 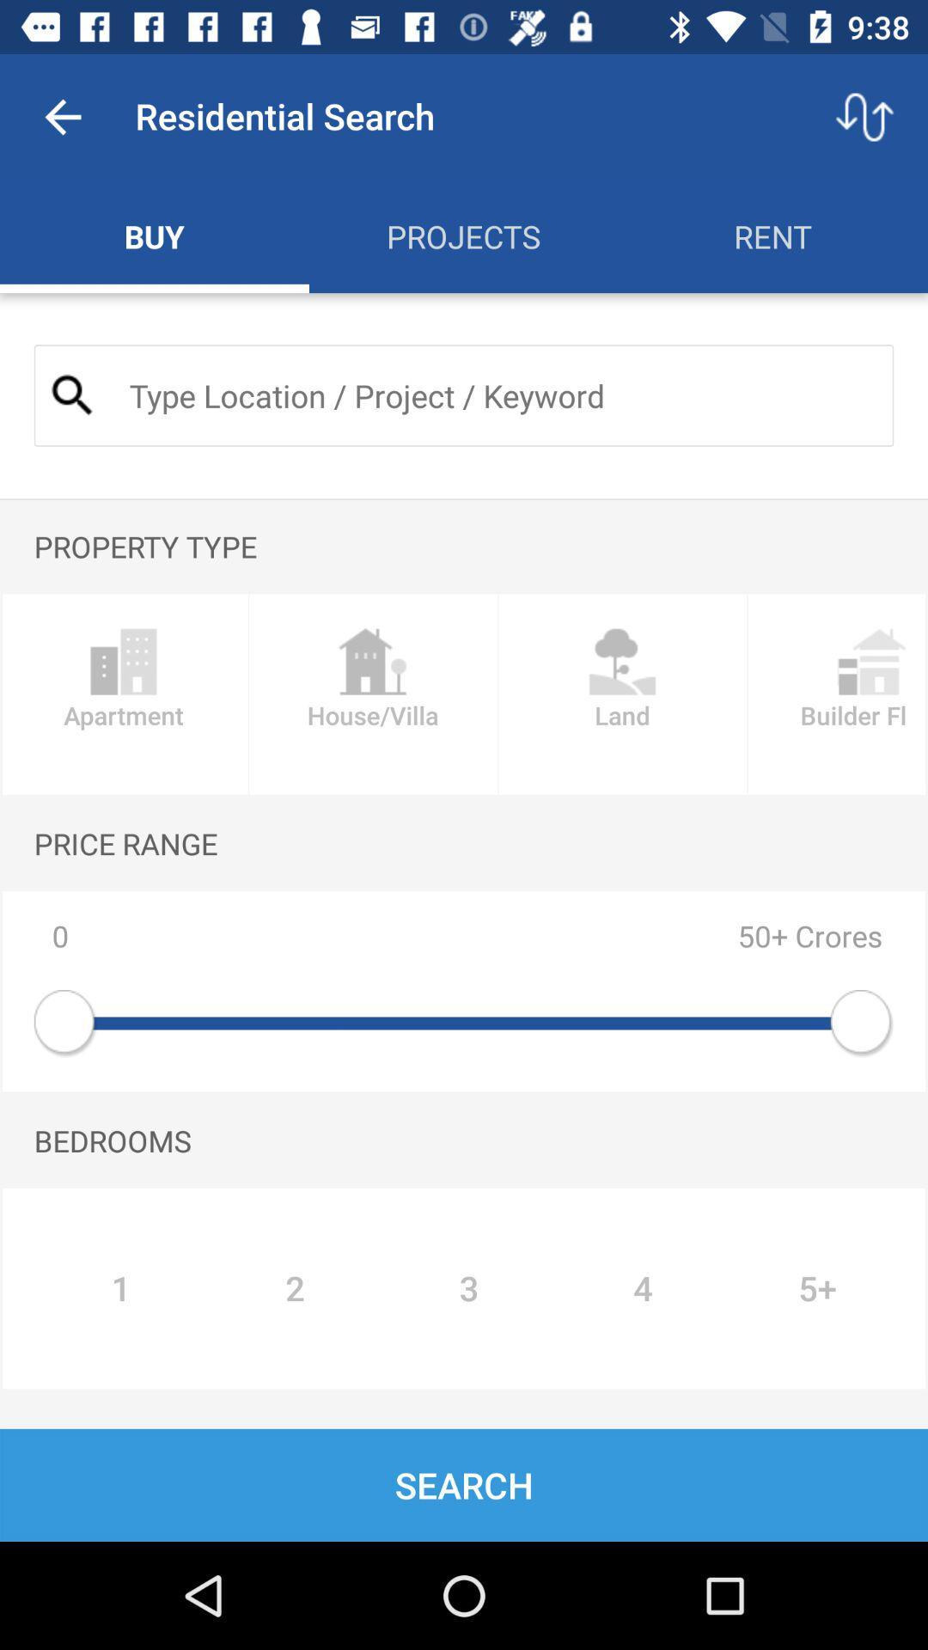 I want to click on app to the left of the residential search	 item, so click(x=62, y=116).